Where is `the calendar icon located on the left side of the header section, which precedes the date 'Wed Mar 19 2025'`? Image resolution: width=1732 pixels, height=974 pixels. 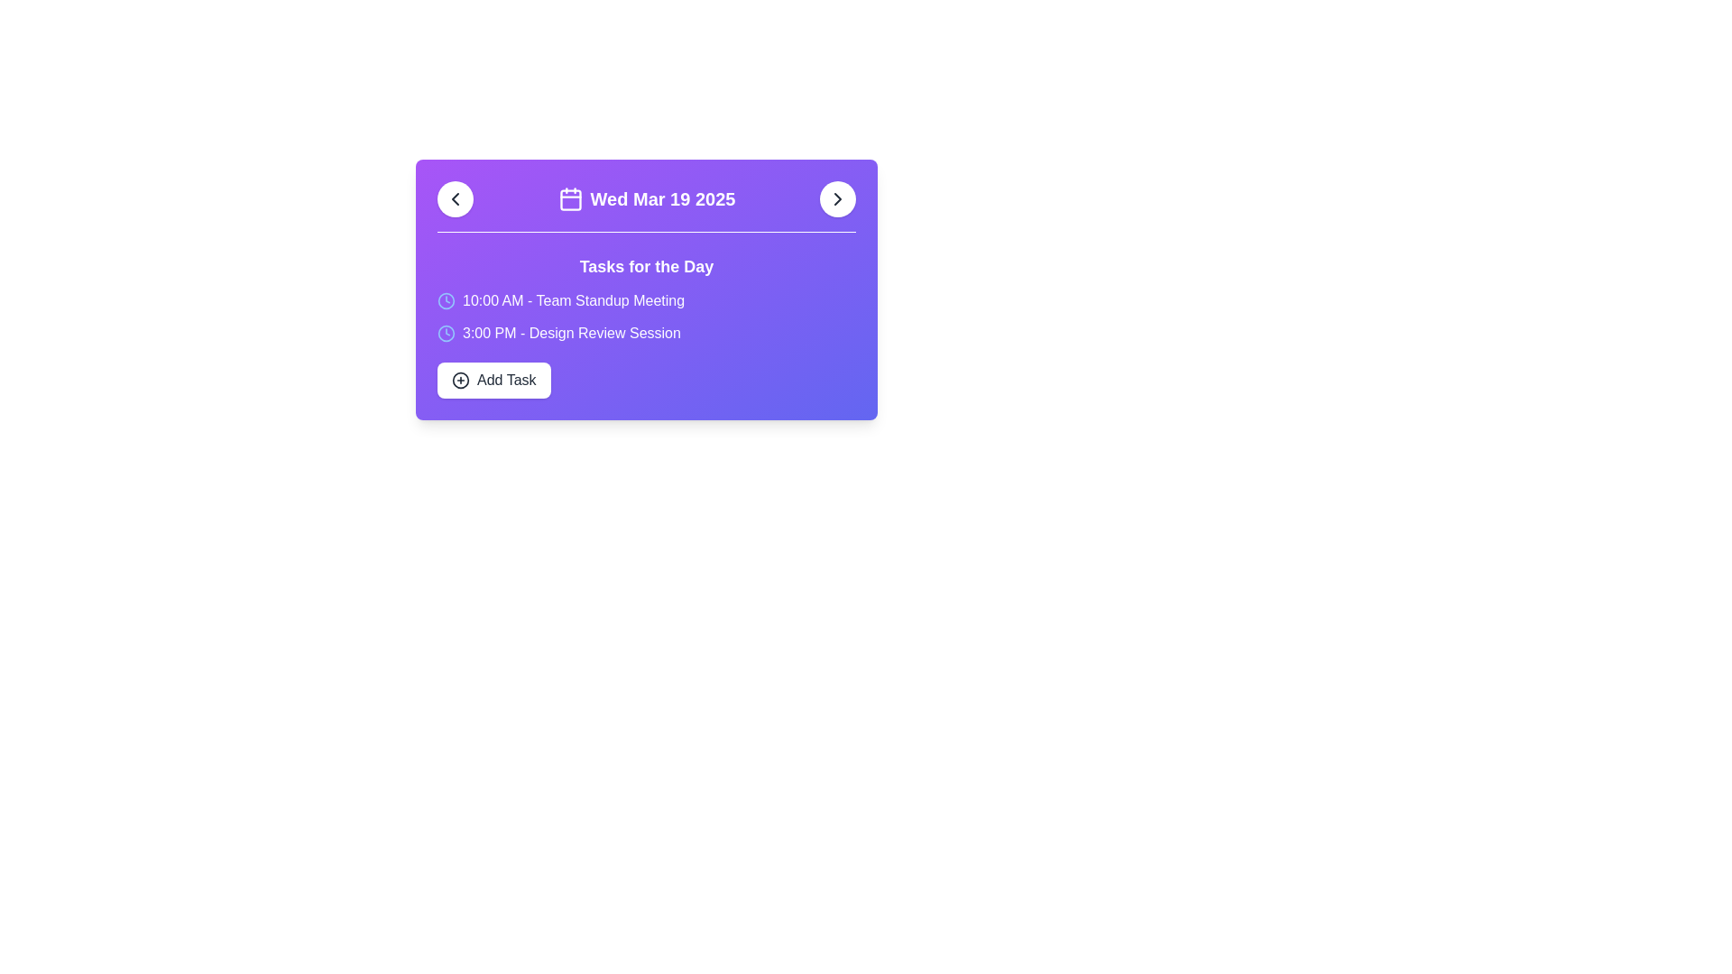 the calendar icon located on the left side of the header section, which precedes the date 'Wed Mar 19 2025' is located at coordinates (569, 198).